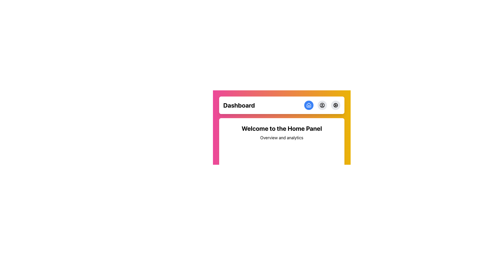  What do you see at coordinates (335, 105) in the screenshot?
I see `the circular settings button with a cog icon` at bounding box center [335, 105].